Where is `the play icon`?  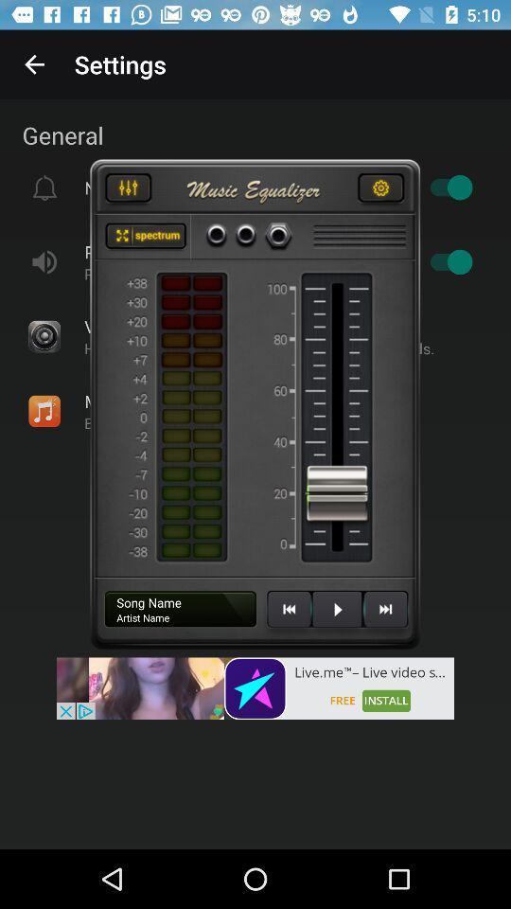 the play icon is located at coordinates (336, 615).